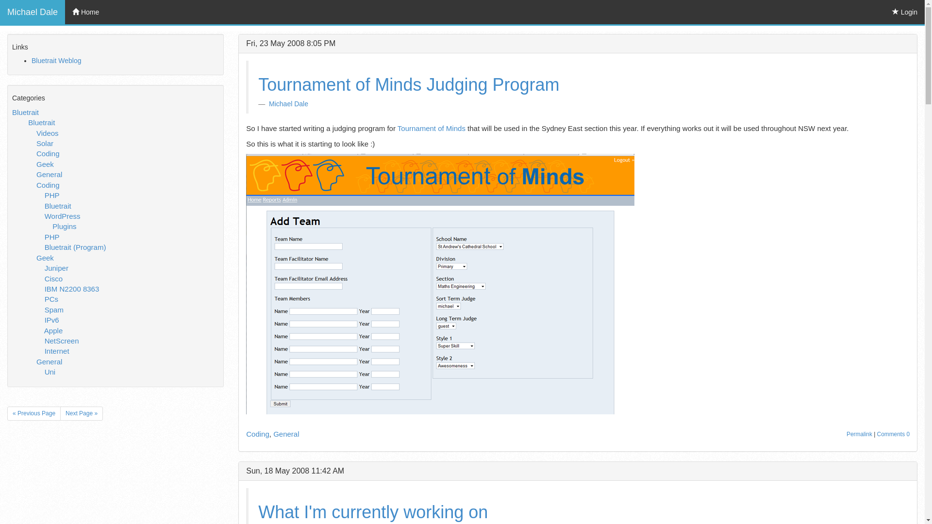 This screenshot has height=524, width=932. I want to click on 'Bluetrait Weblog', so click(32, 60).